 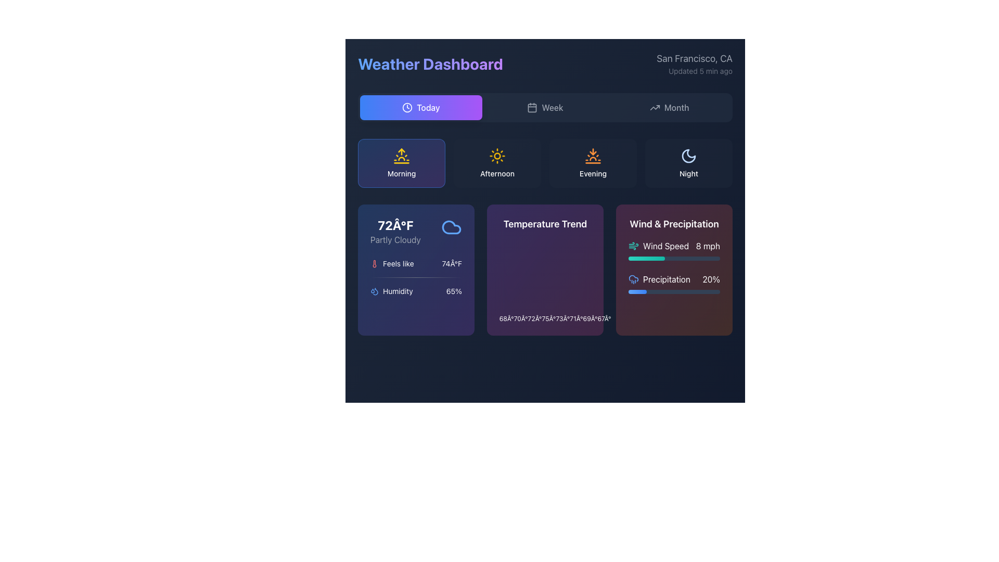 I want to click on the first graphical bar in the 'Temperature Trend' section that represents the value 68°, so click(x=507, y=316).